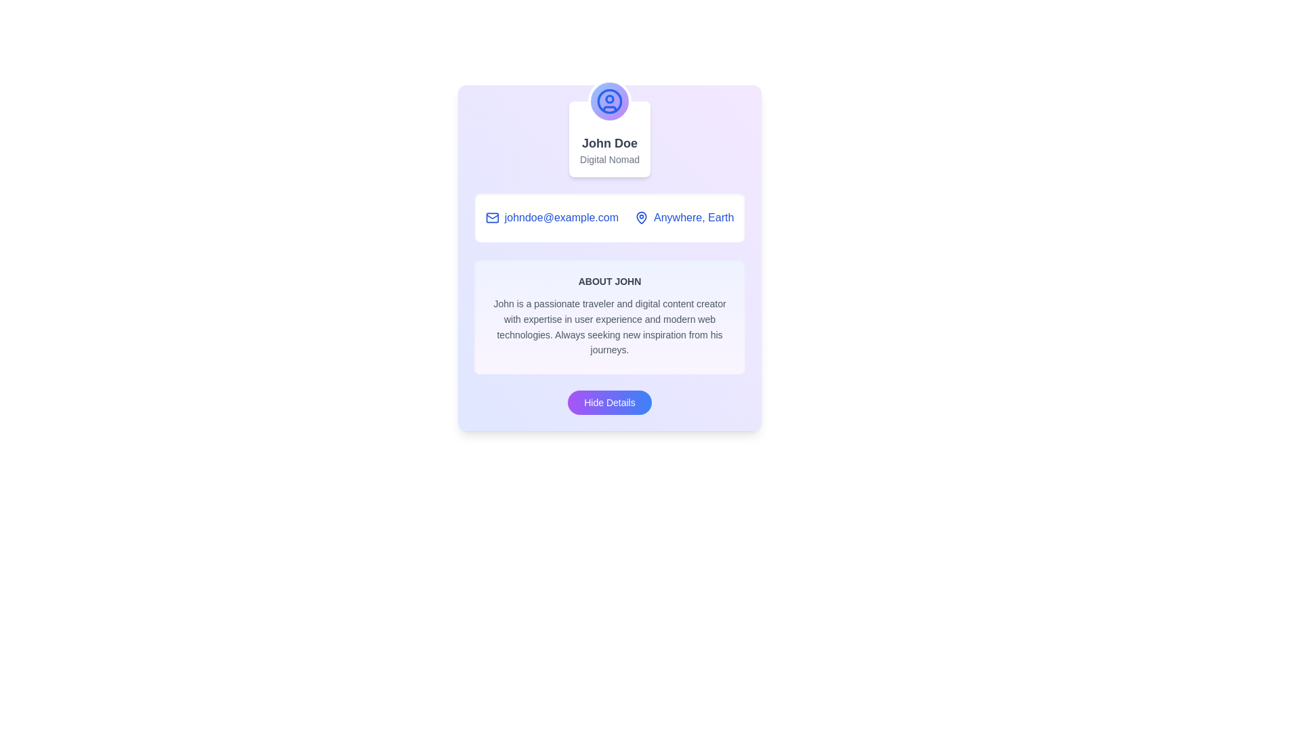 Image resolution: width=1301 pixels, height=731 pixels. What do you see at coordinates (609, 101) in the screenshot?
I see `the user avatar icon representing 'John Doe'` at bounding box center [609, 101].